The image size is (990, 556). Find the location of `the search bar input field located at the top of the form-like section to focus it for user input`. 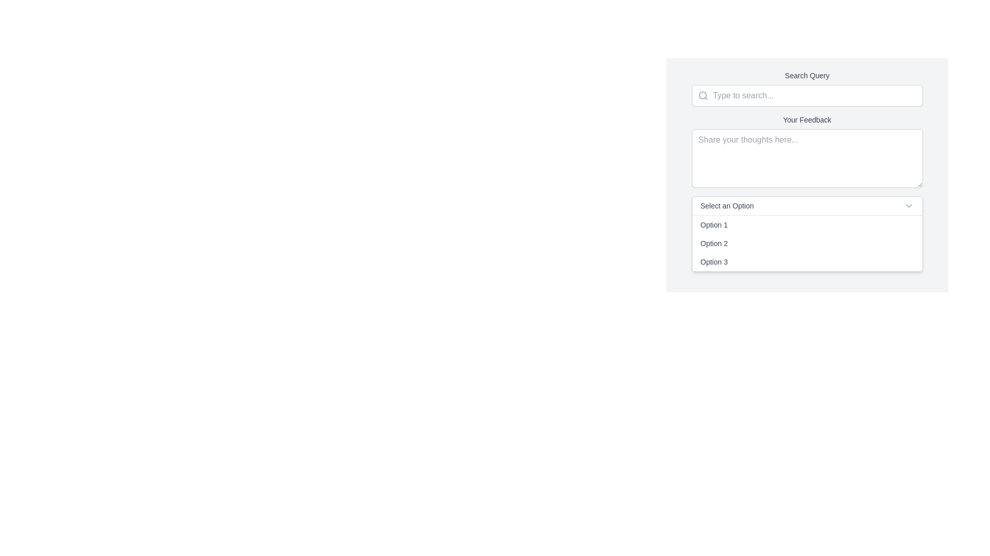

the search bar input field located at the top of the form-like section to focus it for user input is located at coordinates (806, 88).